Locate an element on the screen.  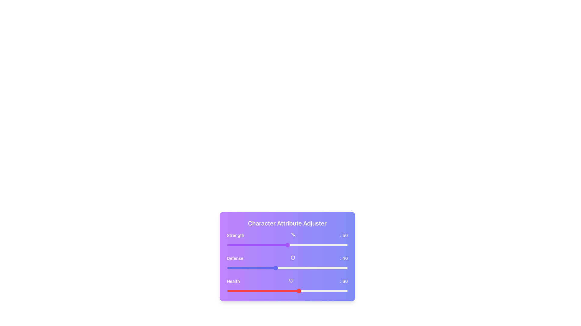
the Health slider is located at coordinates (339, 291).